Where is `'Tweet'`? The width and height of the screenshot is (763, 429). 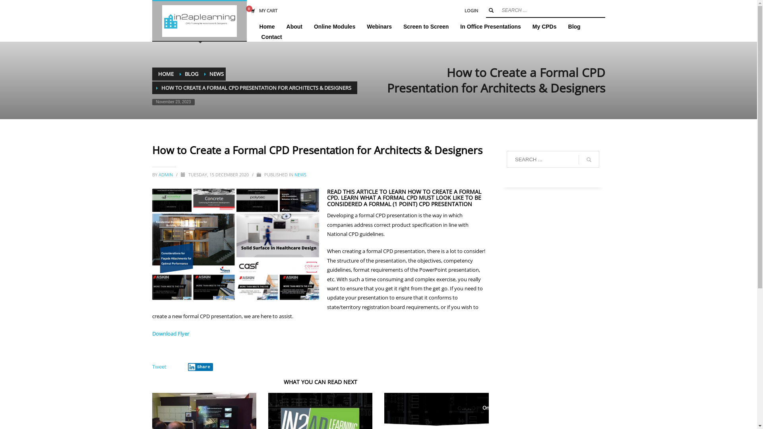 'Tweet' is located at coordinates (152, 366).